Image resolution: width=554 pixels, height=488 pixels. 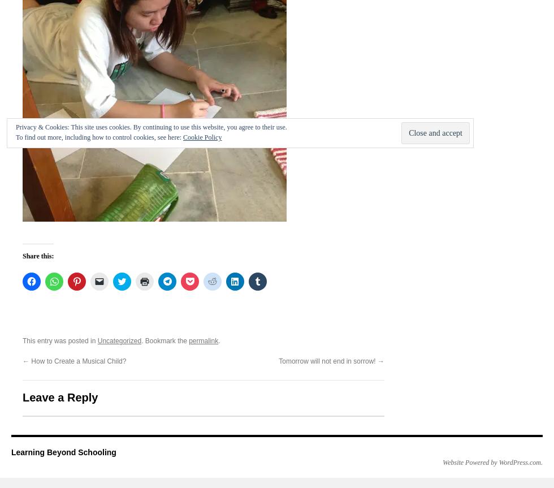 I want to click on 'Learning Beyond Schooling', so click(x=63, y=452).